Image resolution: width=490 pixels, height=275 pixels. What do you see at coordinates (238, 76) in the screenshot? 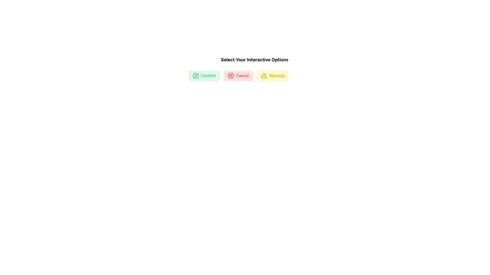
I see `the 'Cancel' button, which is the second button in a horizontal group of four` at bounding box center [238, 76].